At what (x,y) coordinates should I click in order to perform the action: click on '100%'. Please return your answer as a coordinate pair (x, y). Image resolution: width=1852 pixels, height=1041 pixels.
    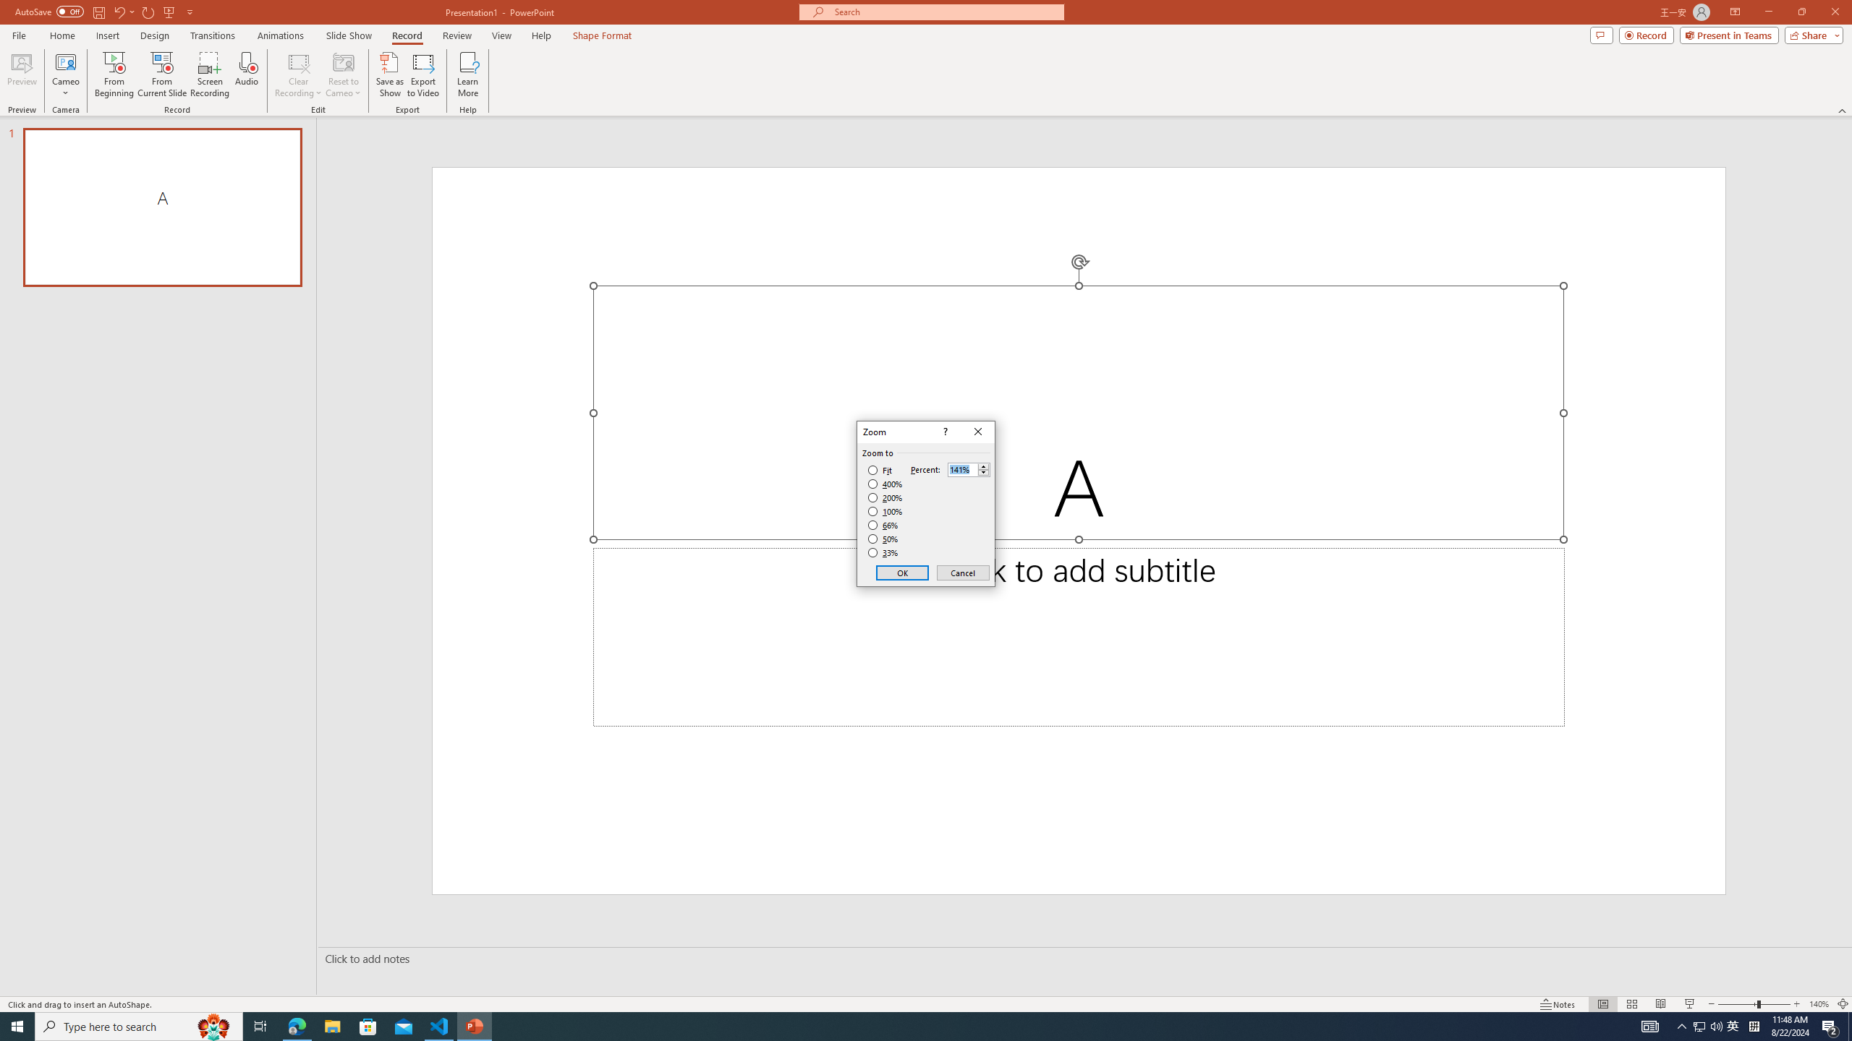
    Looking at the image, I should click on (885, 510).